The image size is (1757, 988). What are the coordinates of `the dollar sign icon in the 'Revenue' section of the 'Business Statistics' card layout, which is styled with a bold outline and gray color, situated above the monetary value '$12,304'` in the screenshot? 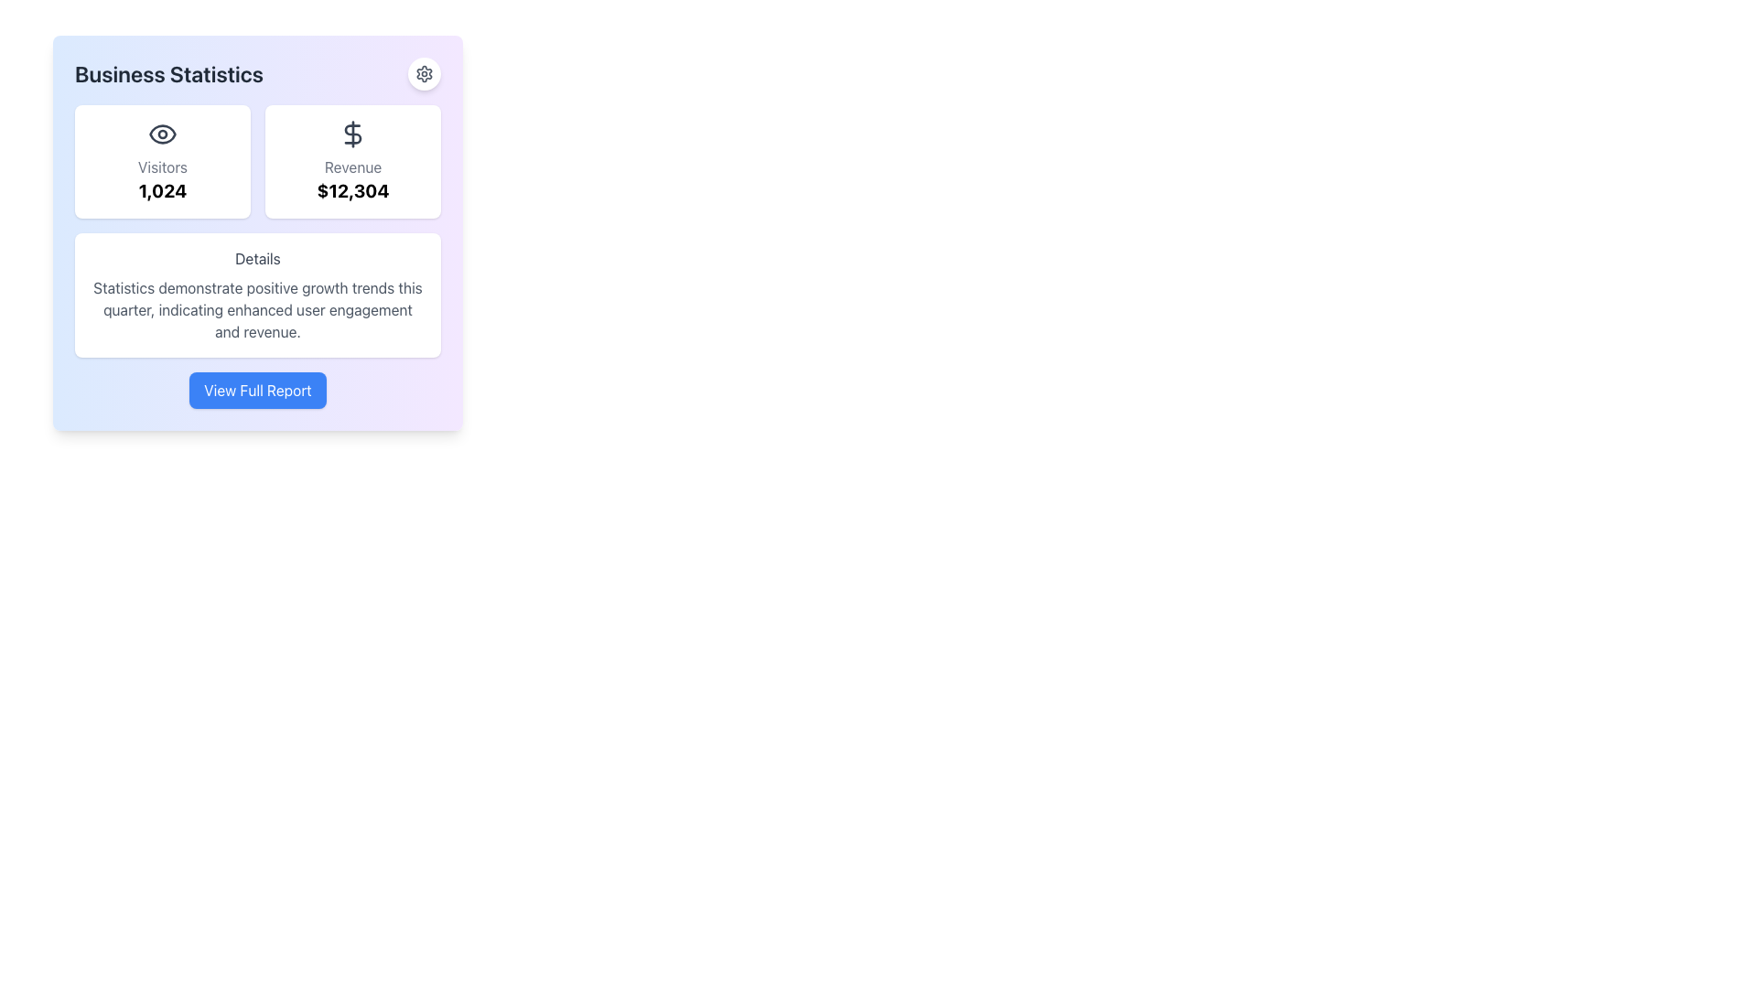 It's located at (352, 133).